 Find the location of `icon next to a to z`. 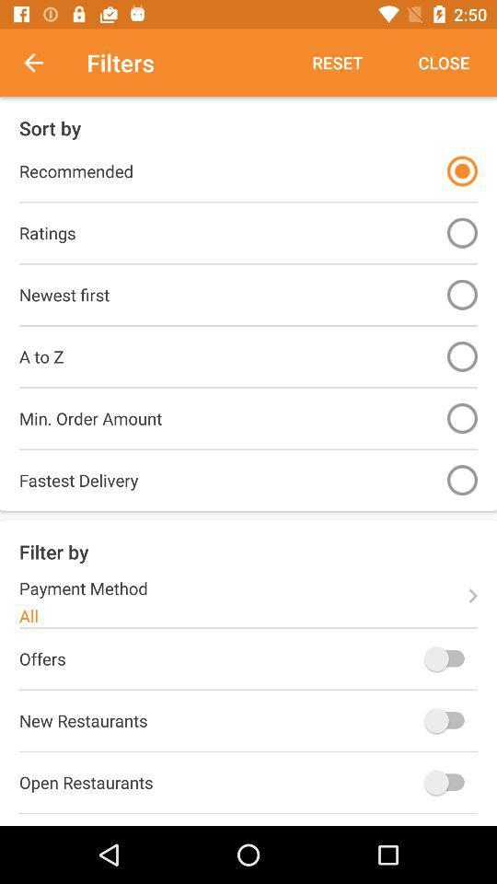

icon next to a to z is located at coordinates (461, 355).